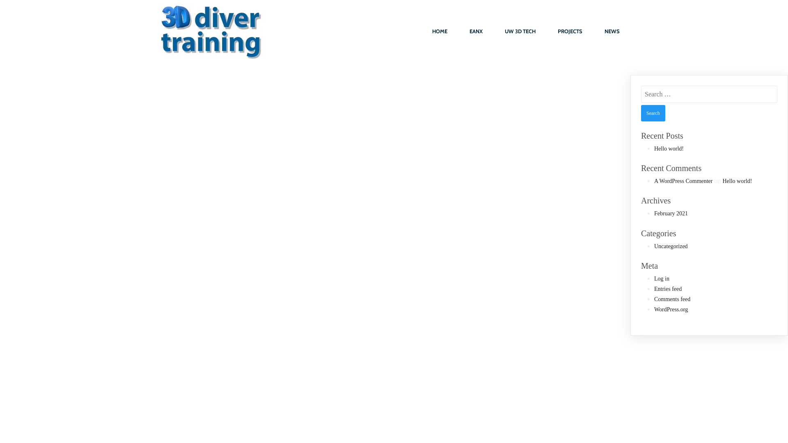 This screenshot has height=443, width=788. Describe the element at coordinates (494, 31) in the screenshot. I see `'UW 3D TECH'` at that location.